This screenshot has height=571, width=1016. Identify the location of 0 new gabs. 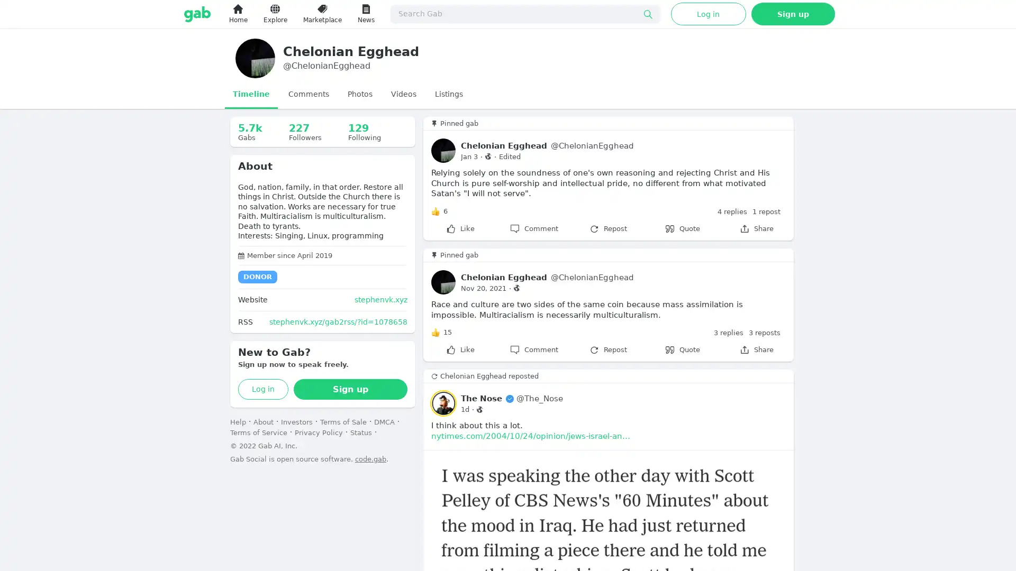
(609, 116).